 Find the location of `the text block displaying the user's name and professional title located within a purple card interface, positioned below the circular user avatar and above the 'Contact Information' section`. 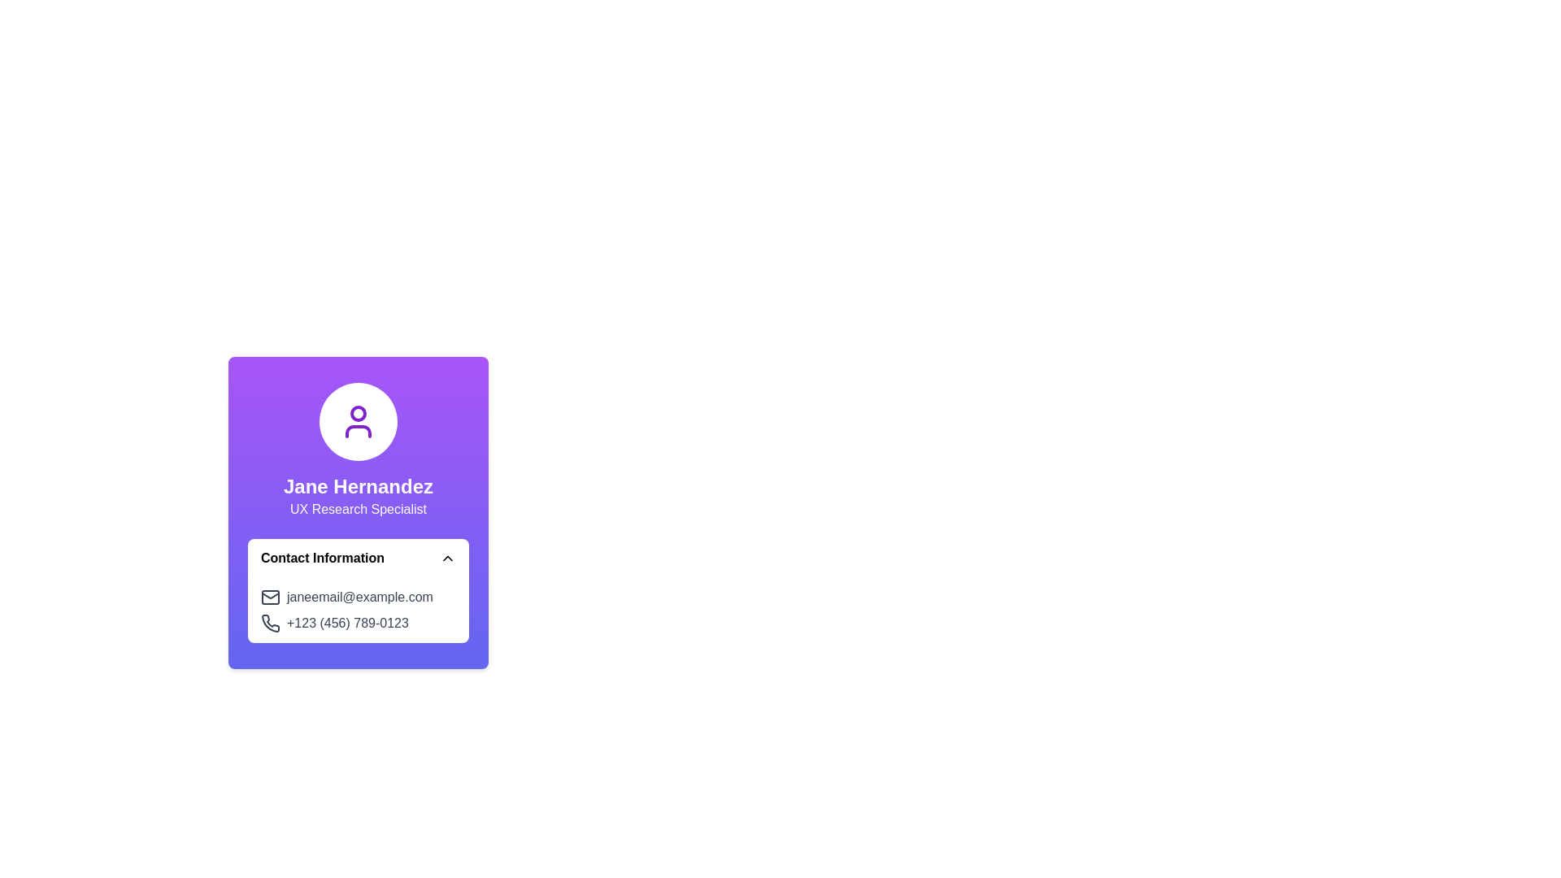

the text block displaying the user's name and professional title located within a purple card interface, positioned below the circular user avatar and above the 'Contact Information' section is located at coordinates (358, 495).